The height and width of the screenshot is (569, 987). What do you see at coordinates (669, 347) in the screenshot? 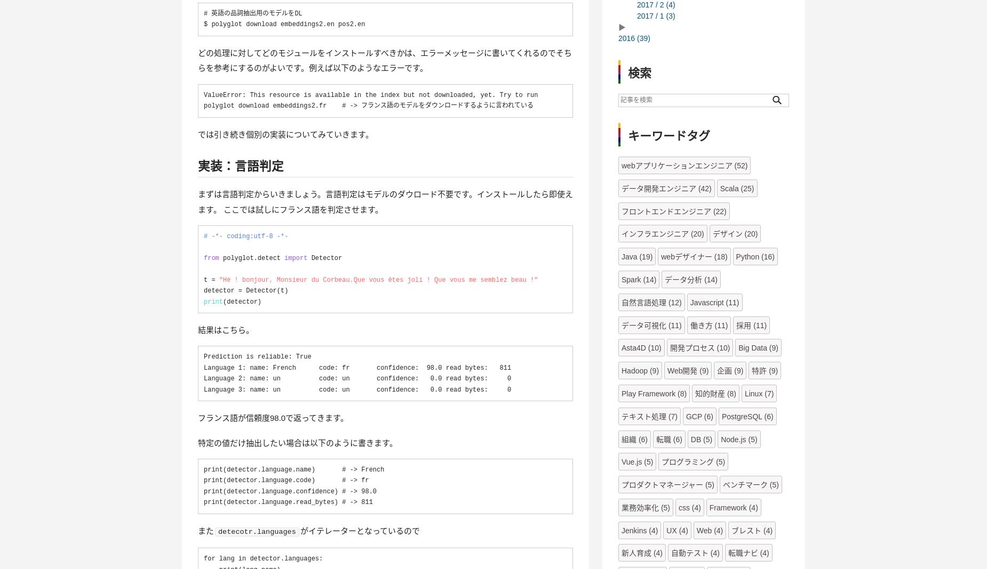
I see `'開発プロセス (10)'` at bounding box center [669, 347].